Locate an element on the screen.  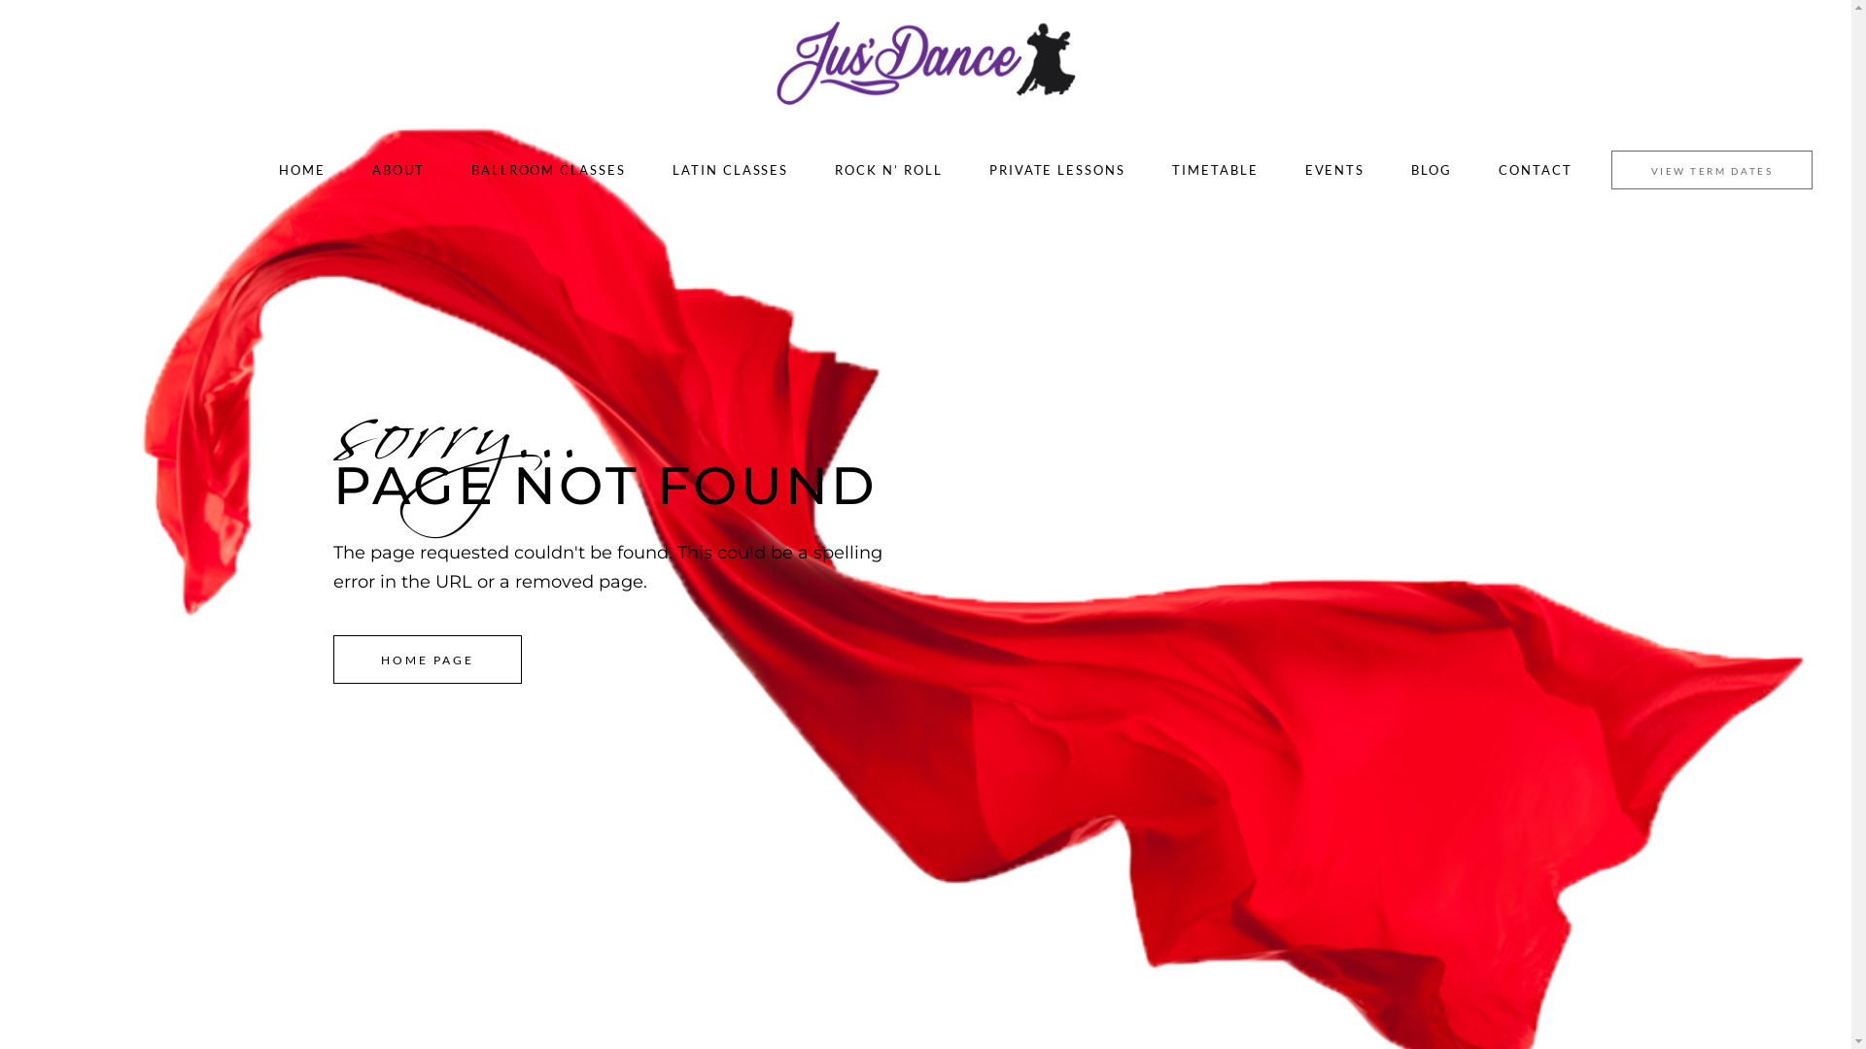
'BLOG' is located at coordinates (1432, 168).